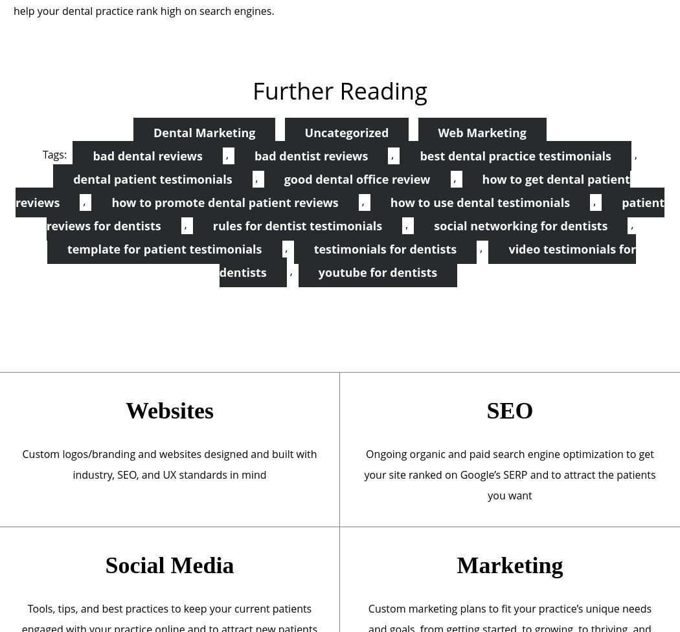 This screenshot has width=680, height=632. I want to click on 'social networking for dentists', so click(519, 225).